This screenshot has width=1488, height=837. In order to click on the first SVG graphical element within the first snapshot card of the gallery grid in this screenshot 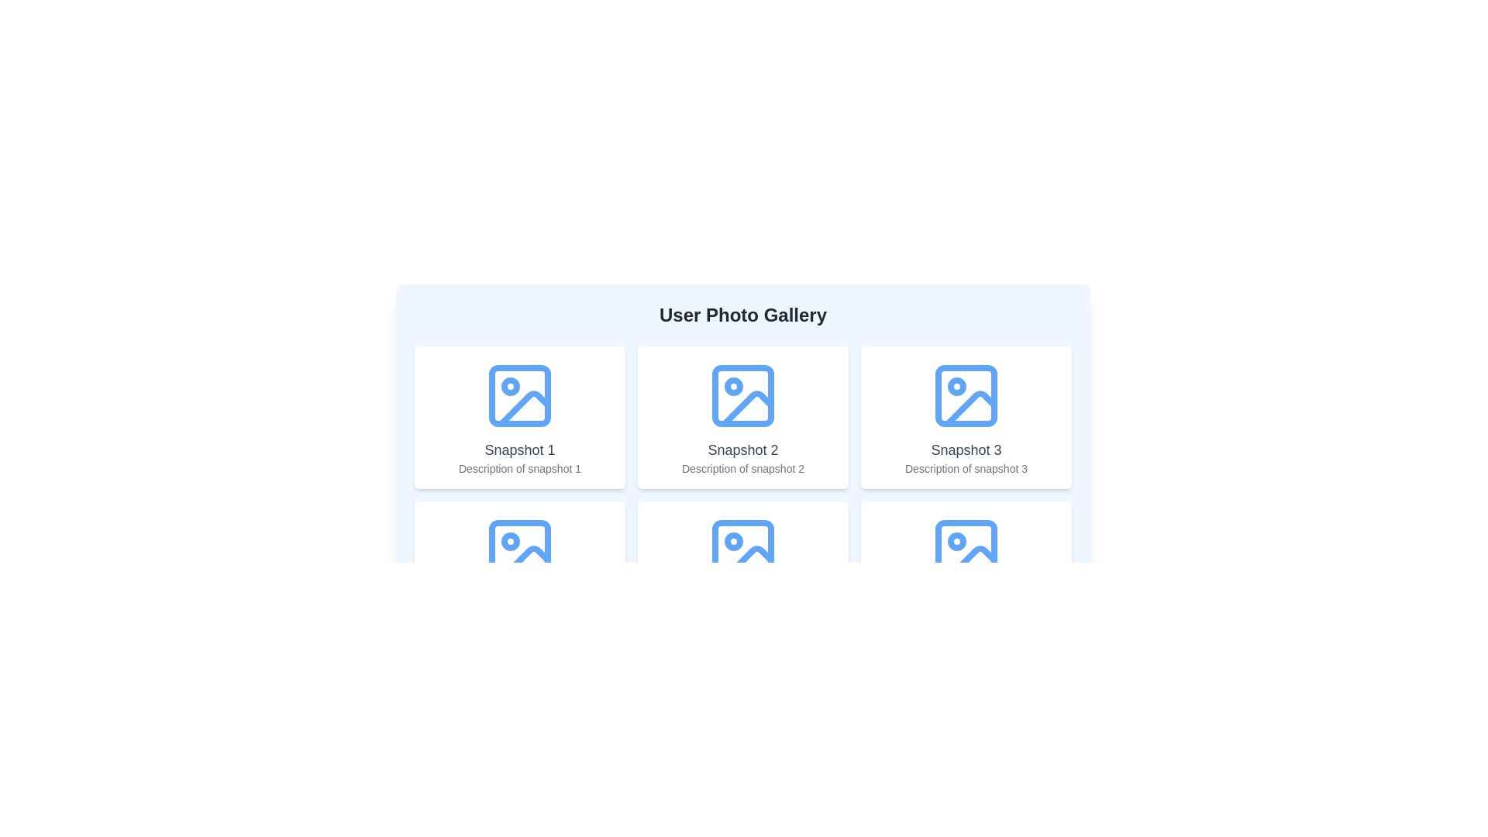, I will do `click(520, 394)`.